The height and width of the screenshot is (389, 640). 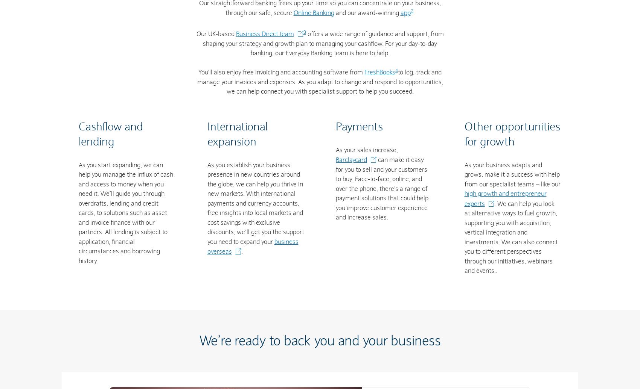 What do you see at coordinates (172, 236) in the screenshot?
I see `'Credit card fraud'` at bounding box center [172, 236].